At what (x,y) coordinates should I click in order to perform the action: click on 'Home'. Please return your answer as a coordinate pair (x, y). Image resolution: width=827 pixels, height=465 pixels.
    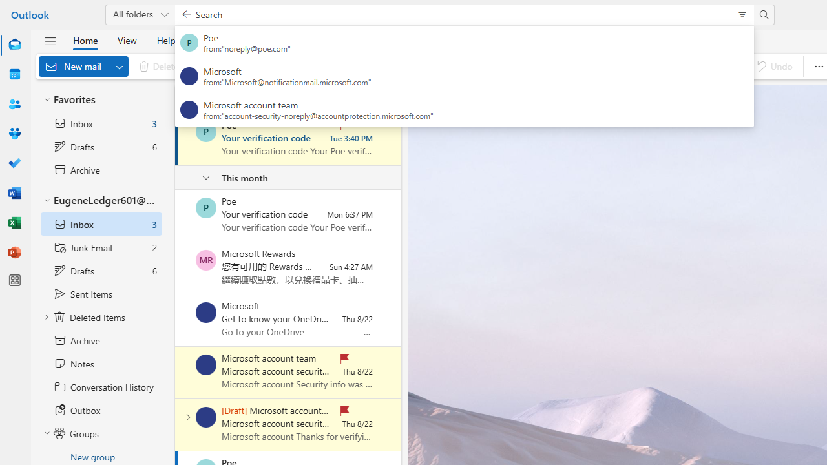
    Looking at the image, I should click on (85, 39).